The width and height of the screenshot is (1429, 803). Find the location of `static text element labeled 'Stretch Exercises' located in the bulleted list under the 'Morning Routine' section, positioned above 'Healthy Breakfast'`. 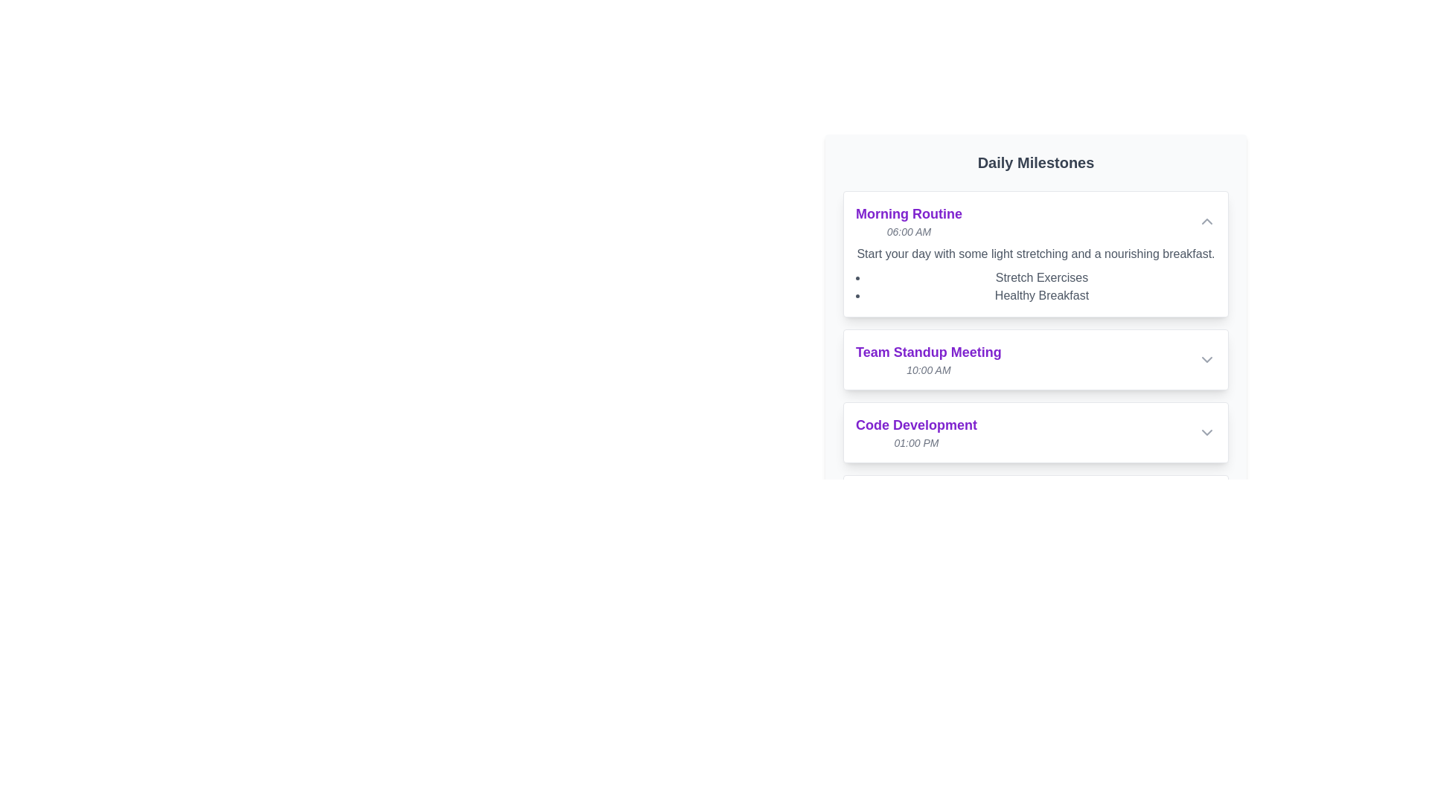

static text element labeled 'Stretch Exercises' located in the bulleted list under the 'Morning Routine' section, positioned above 'Healthy Breakfast' is located at coordinates (1041, 278).